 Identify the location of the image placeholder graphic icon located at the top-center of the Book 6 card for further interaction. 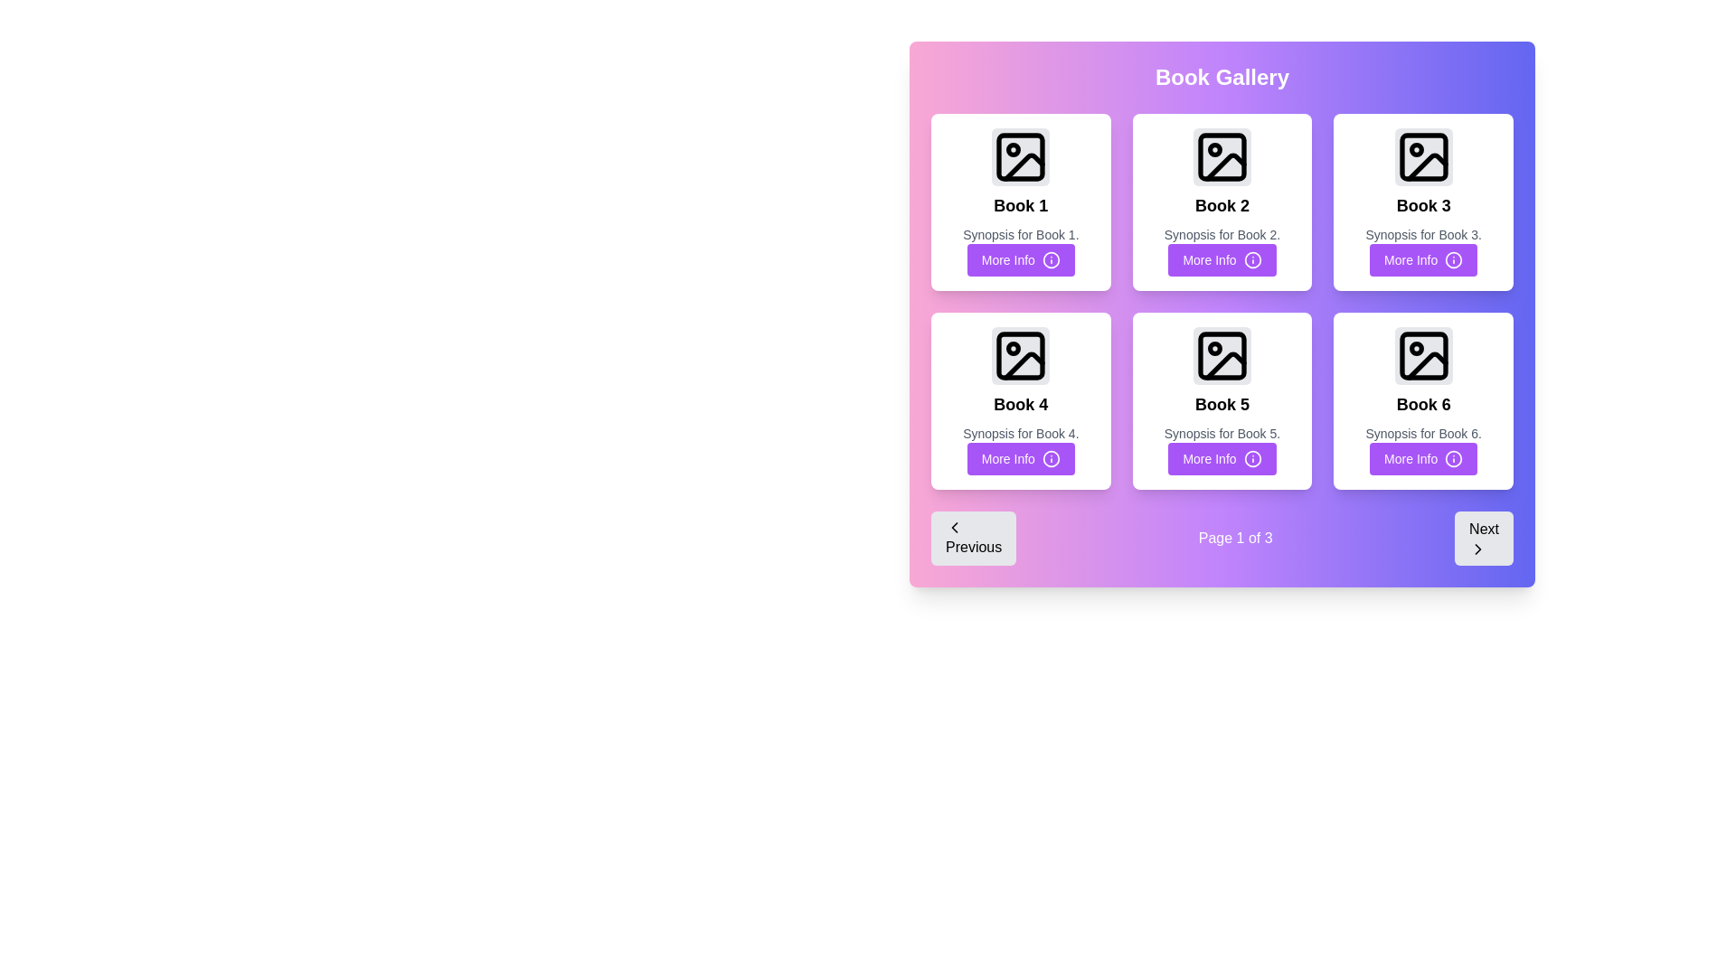
(1422, 355).